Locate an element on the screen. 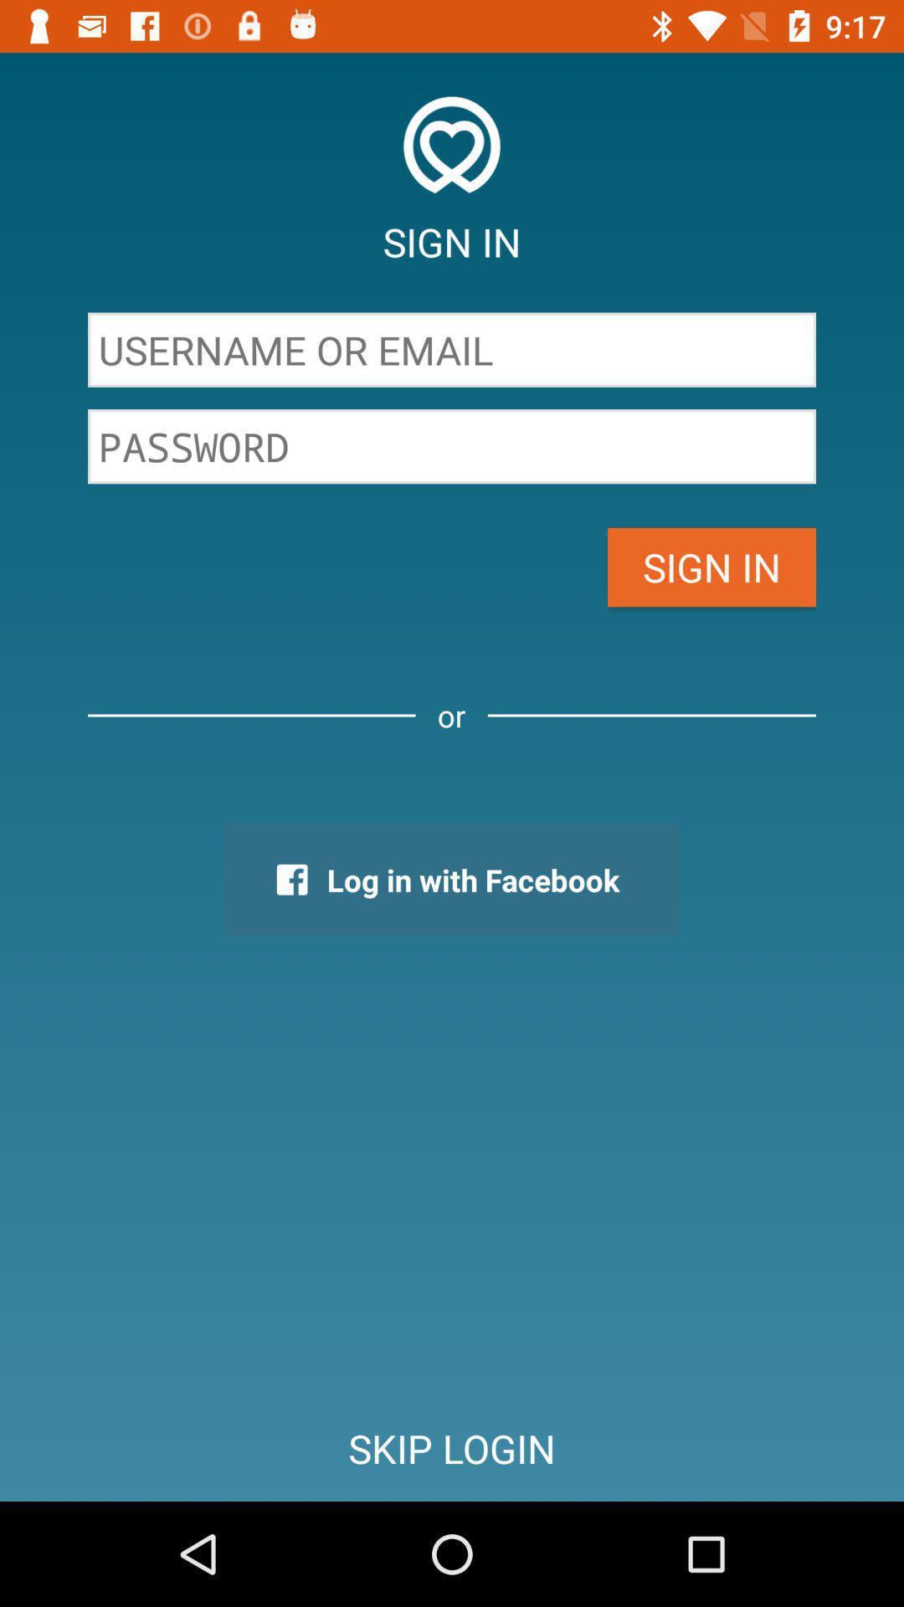 The image size is (904, 1607). sign in info is located at coordinates (452, 349).